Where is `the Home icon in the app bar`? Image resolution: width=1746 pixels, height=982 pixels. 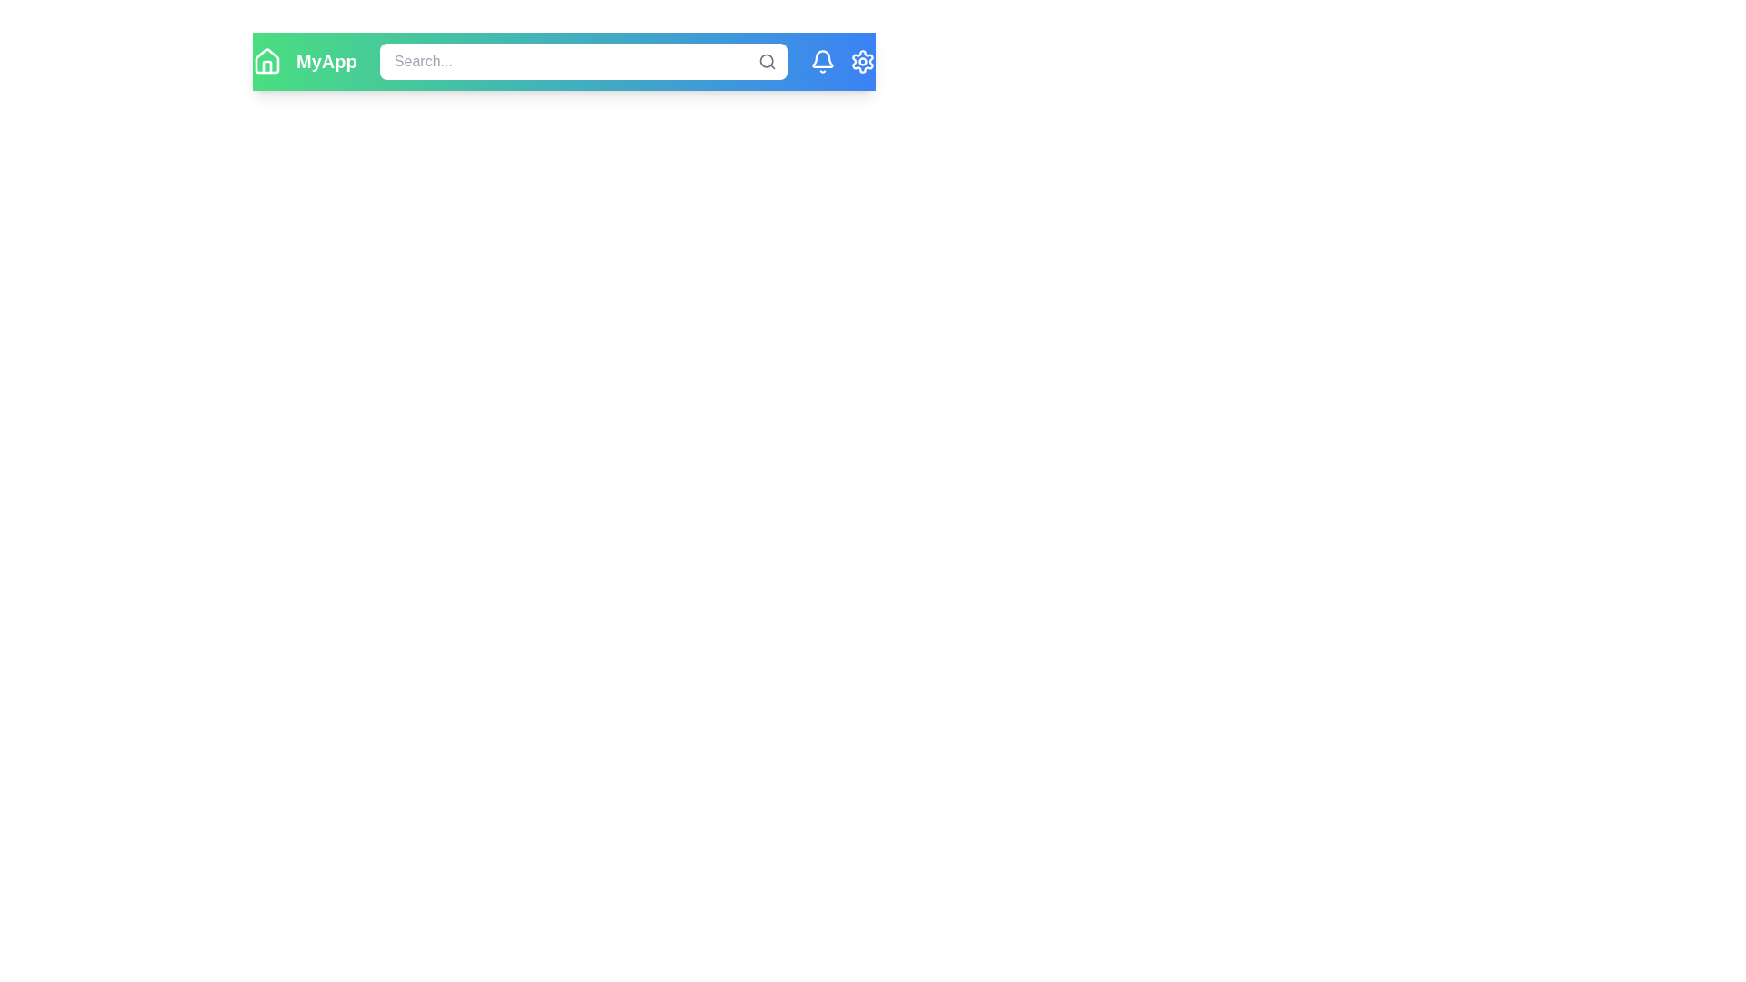 the Home icon in the app bar is located at coordinates (266, 61).